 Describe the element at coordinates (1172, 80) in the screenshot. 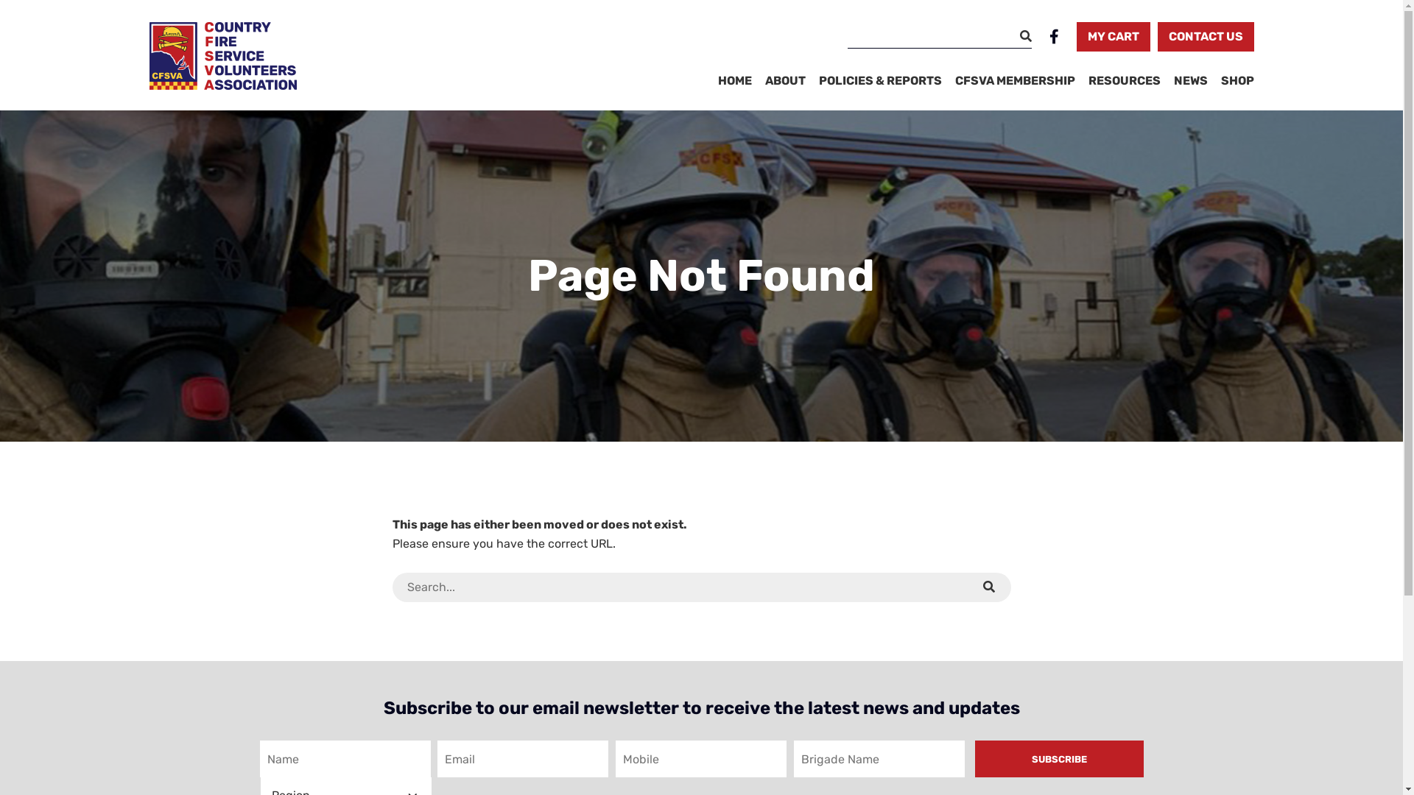

I see `'NEWS'` at that location.